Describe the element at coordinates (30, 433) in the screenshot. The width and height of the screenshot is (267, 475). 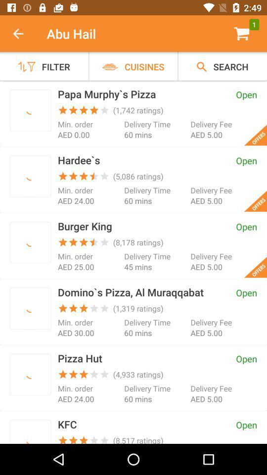
I see `restaurant` at that location.